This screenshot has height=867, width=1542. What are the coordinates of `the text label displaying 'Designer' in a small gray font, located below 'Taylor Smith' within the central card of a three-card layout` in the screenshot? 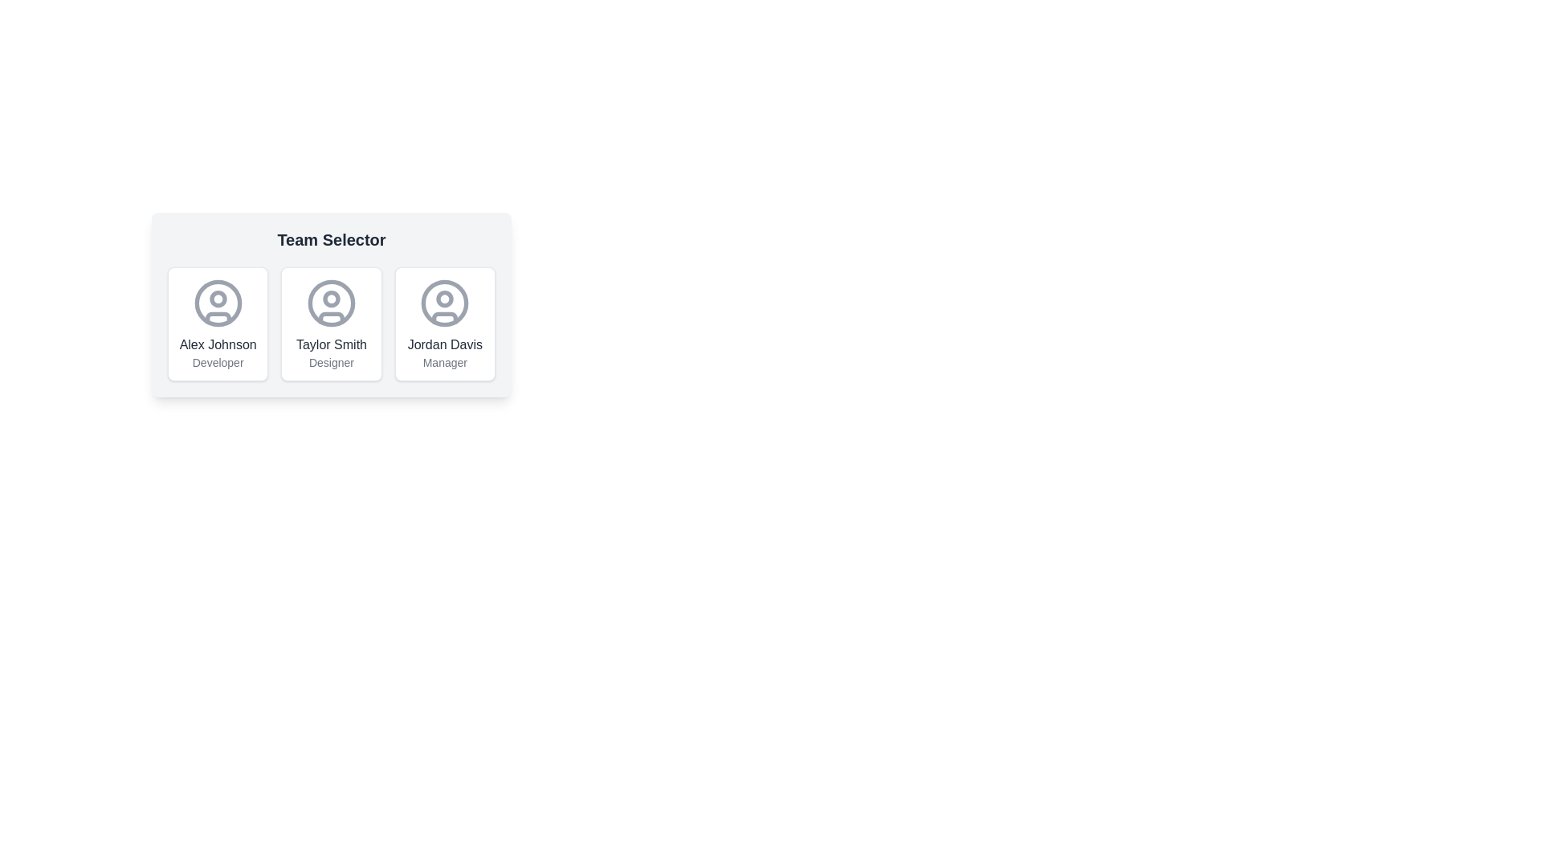 It's located at (330, 362).